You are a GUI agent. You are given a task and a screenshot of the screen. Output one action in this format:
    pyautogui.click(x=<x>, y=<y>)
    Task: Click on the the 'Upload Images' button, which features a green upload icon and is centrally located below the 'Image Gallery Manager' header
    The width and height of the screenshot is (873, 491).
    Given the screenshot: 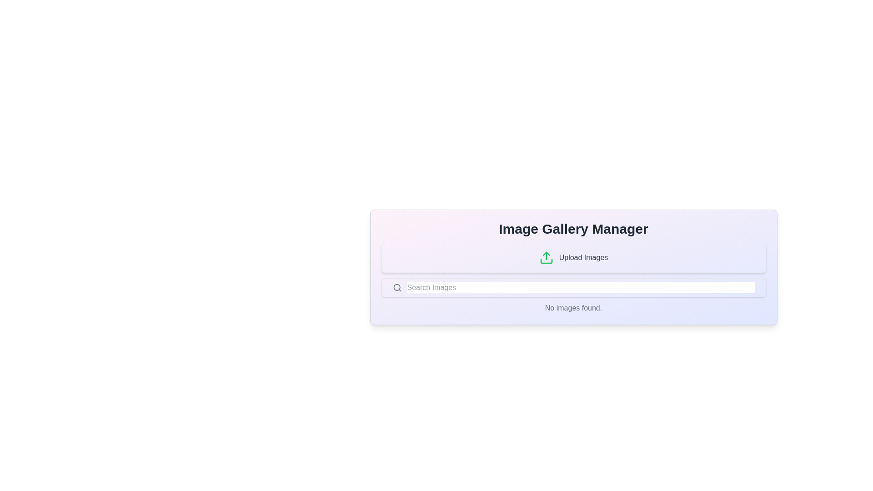 What is the action you would take?
    pyautogui.click(x=573, y=258)
    